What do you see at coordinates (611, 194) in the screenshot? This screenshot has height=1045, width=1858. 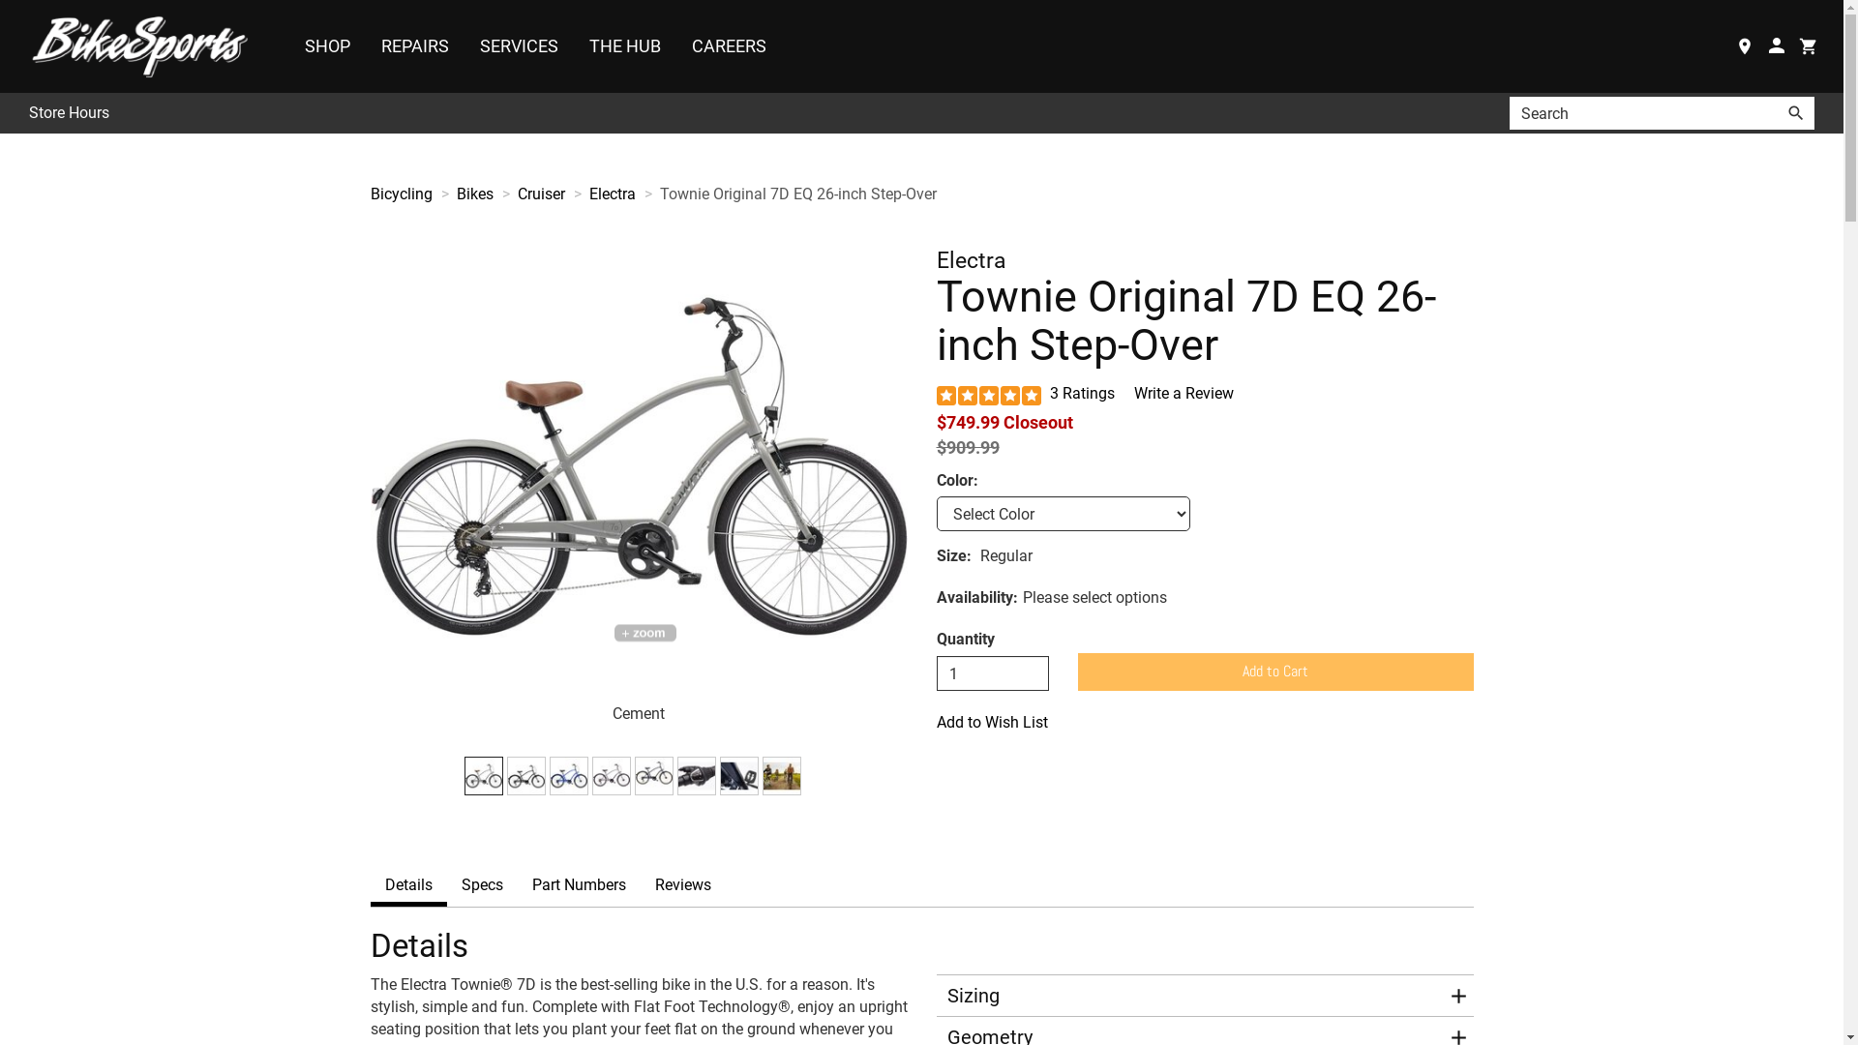 I see `'Electra'` at bounding box center [611, 194].